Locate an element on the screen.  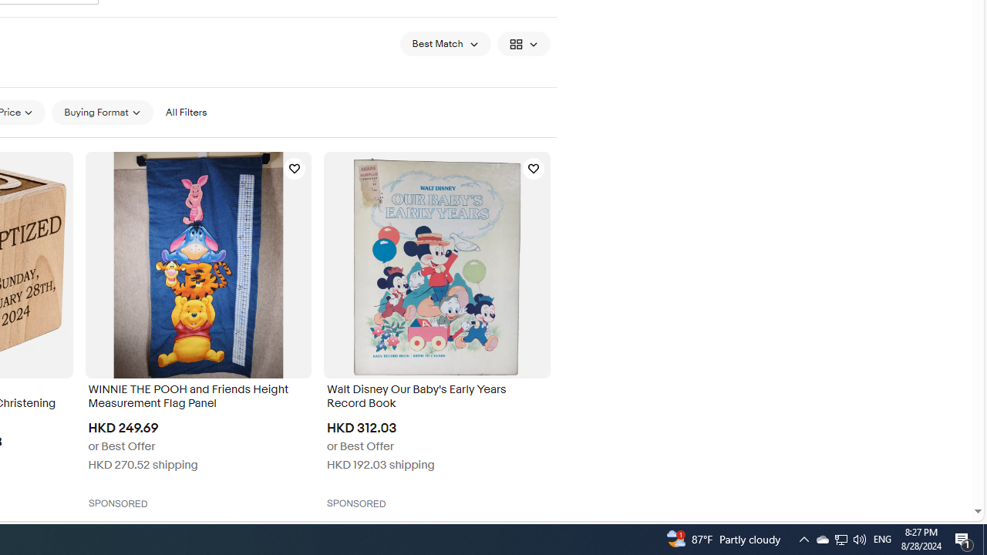
'All Filters' is located at coordinates (185, 112).